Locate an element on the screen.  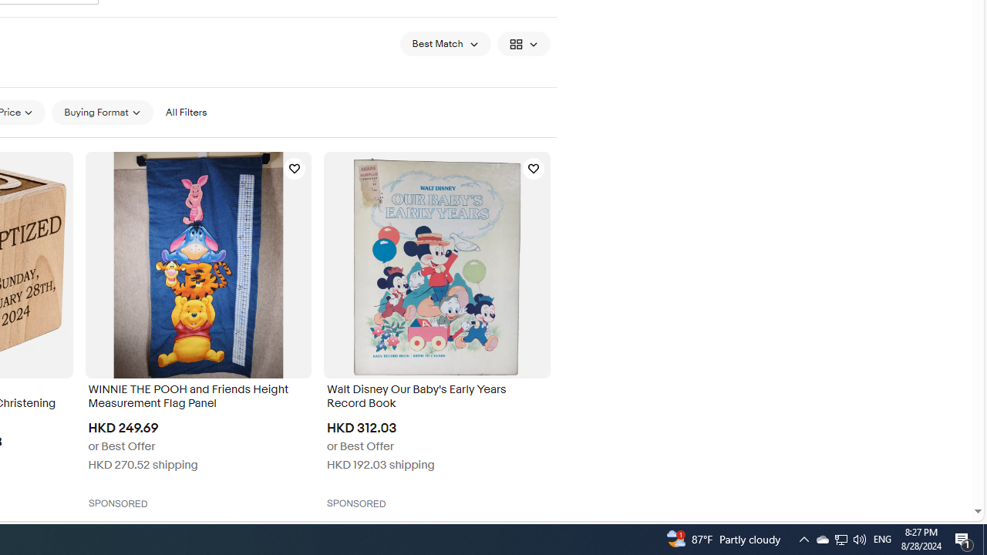
'All Filters' is located at coordinates (185, 112).